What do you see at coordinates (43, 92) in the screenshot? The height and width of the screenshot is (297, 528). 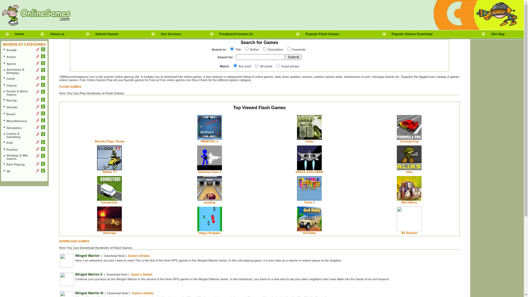 I see `'Download Puzzle & Word Games Games'` at bounding box center [43, 92].